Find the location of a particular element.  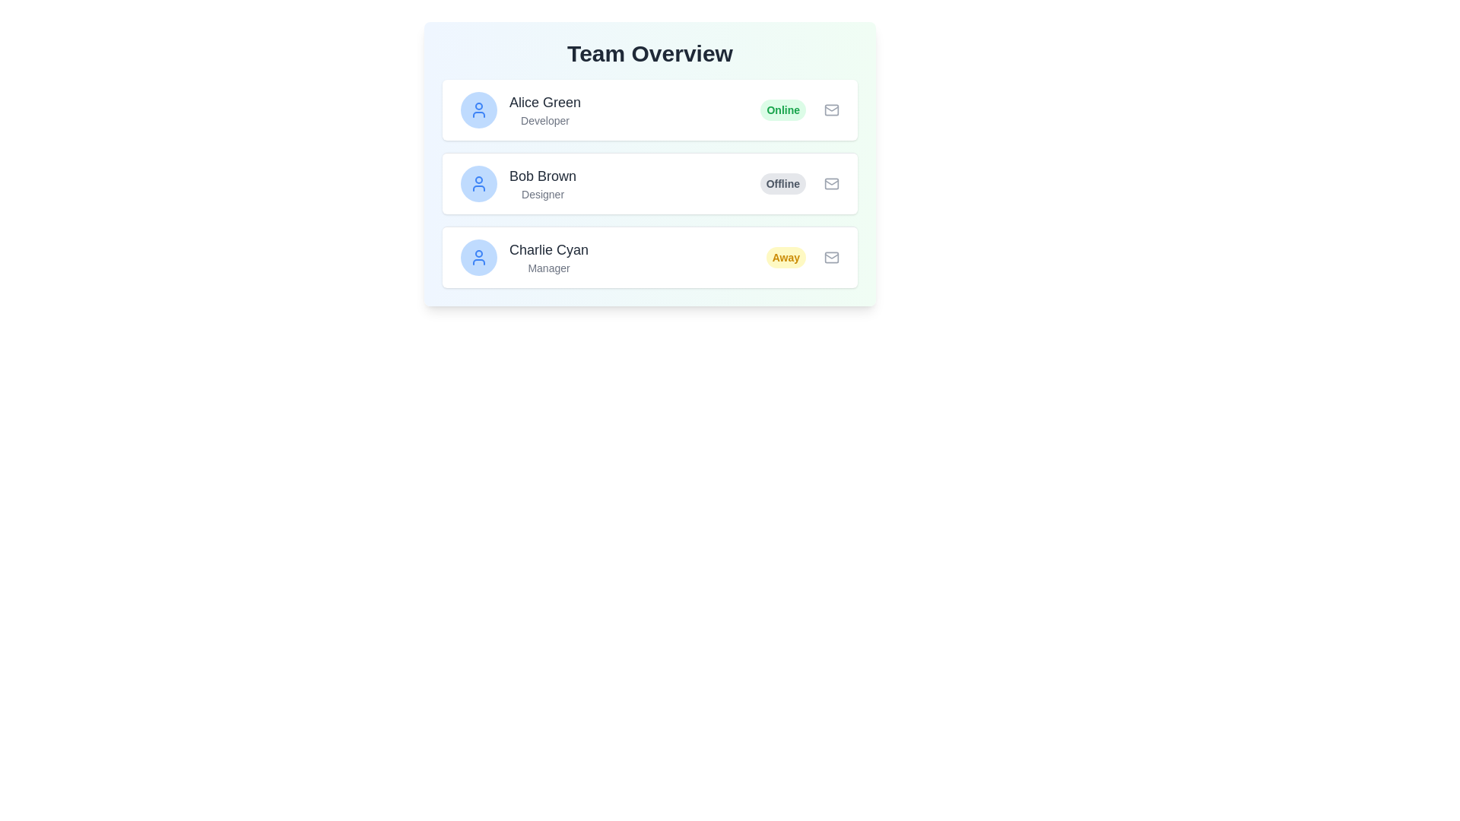

the Text Label displaying 'Charlie Cyan' in the Team Overview section, which identifies the team member's name above the role designation 'Manager' is located at coordinates (548, 249).